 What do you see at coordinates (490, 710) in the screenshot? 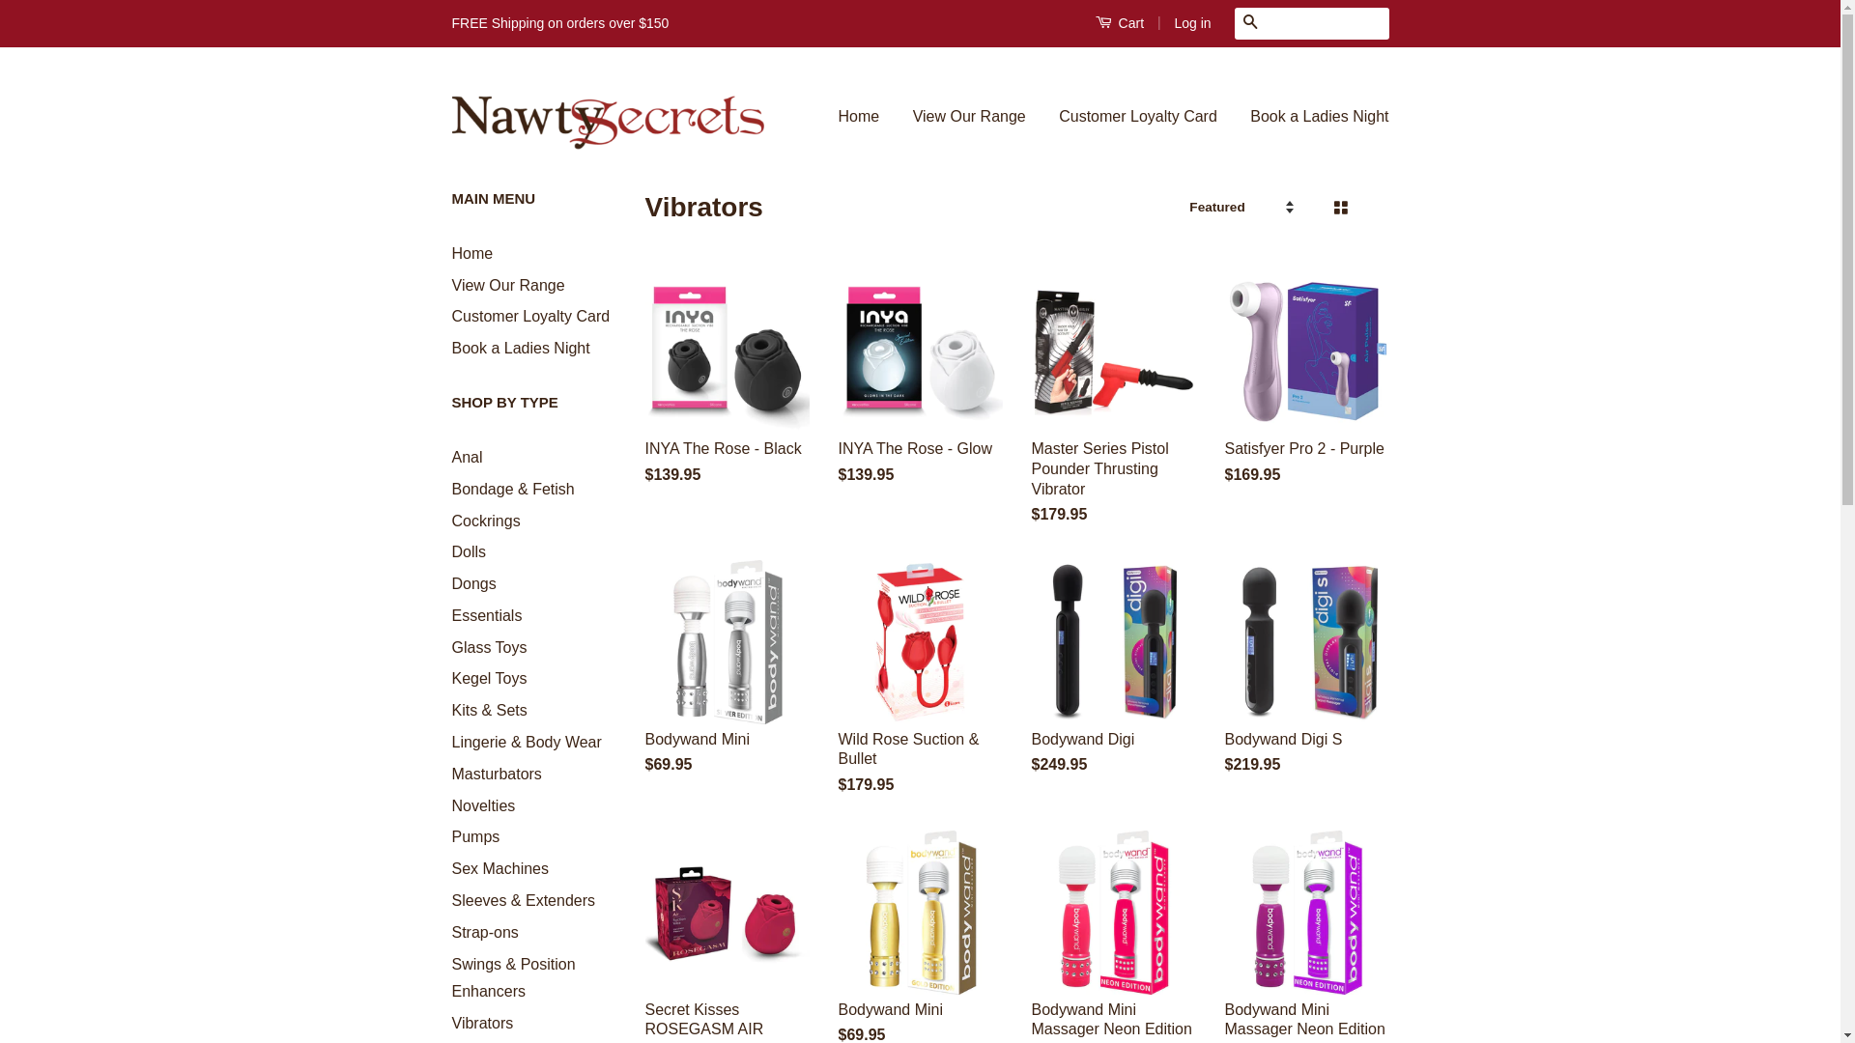
I see `'Kits & Sets'` at bounding box center [490, 710].